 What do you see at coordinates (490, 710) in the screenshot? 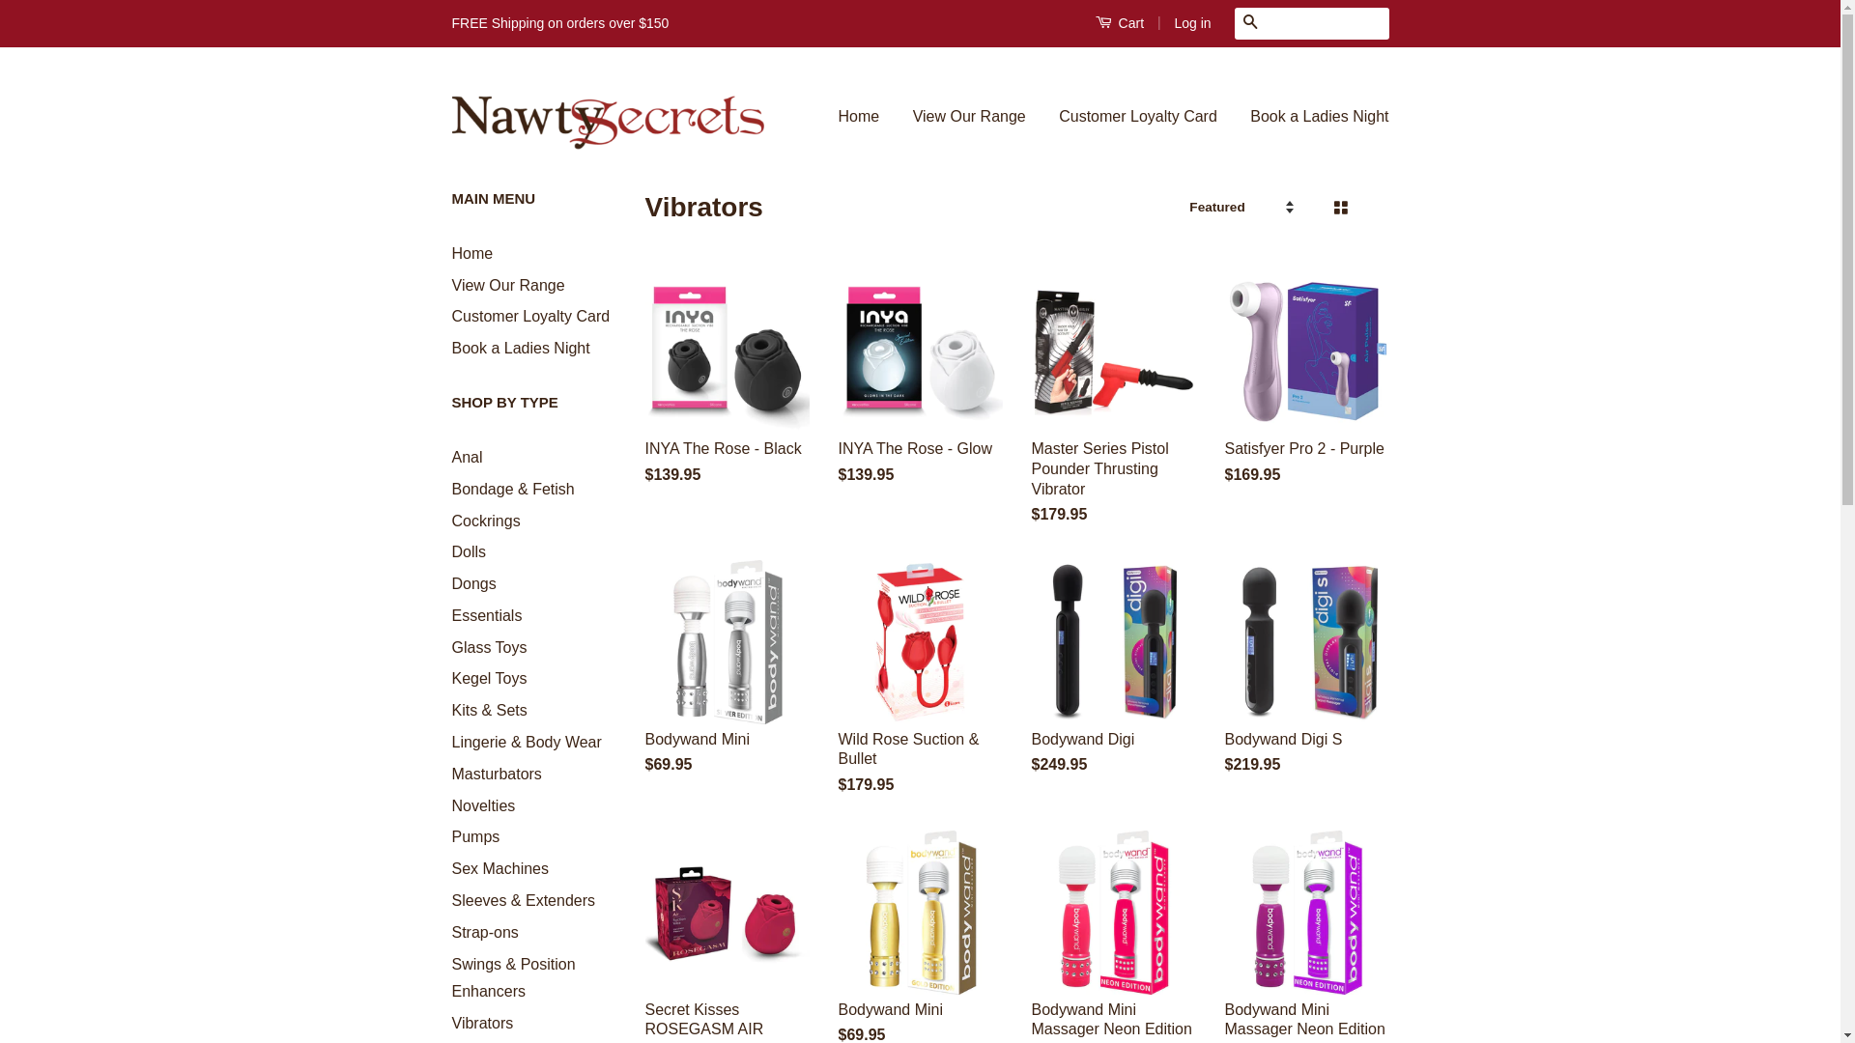
I see `'Kits & Sets'` at bounding box center [490, 710].